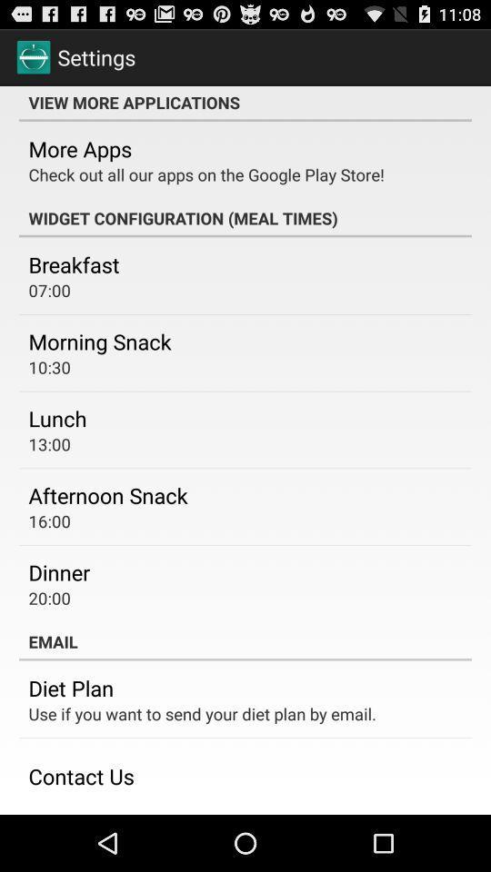  What do you see at coordinates (73, 263) in the screenshot?
I see `icon below the widget configuration meal` at bounding box center [73, 263].